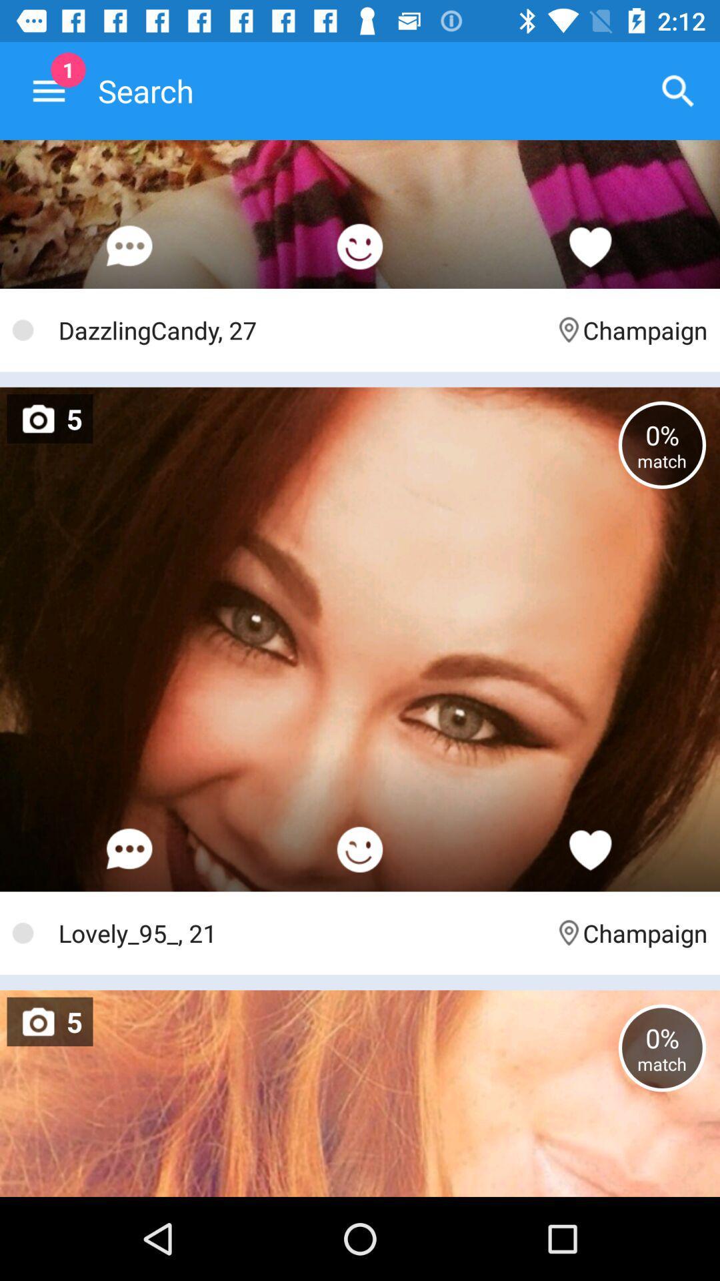  Describe the element at coordinates (678, 90) in the screenshot. I see `the icon next to the search item` at that location.